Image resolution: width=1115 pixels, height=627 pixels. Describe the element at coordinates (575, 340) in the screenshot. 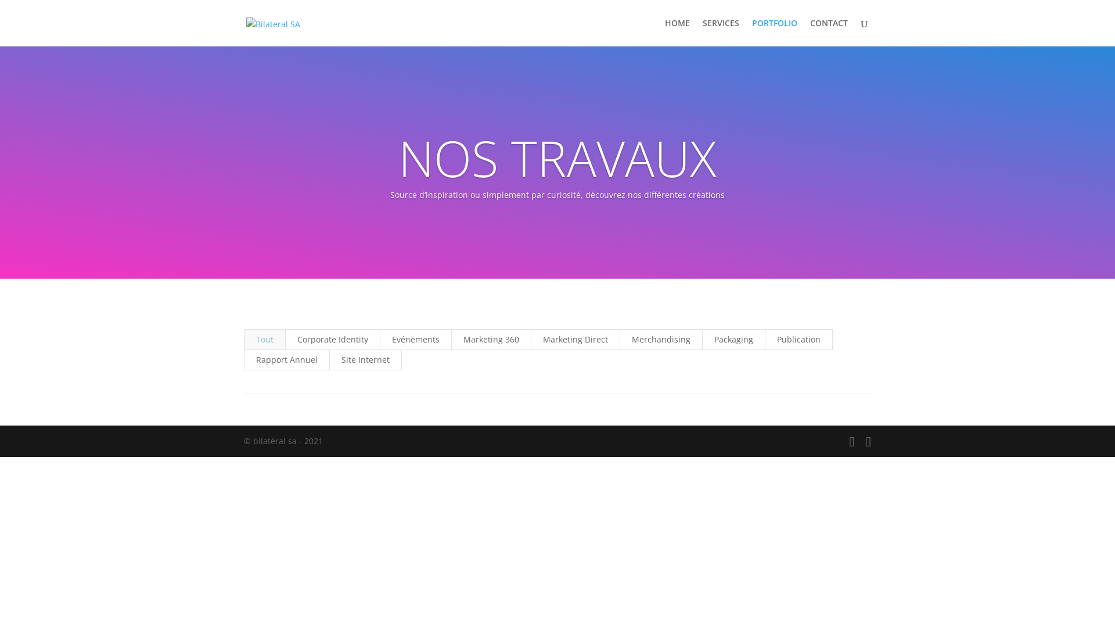

I see `'Marketing Direct'` at that location.